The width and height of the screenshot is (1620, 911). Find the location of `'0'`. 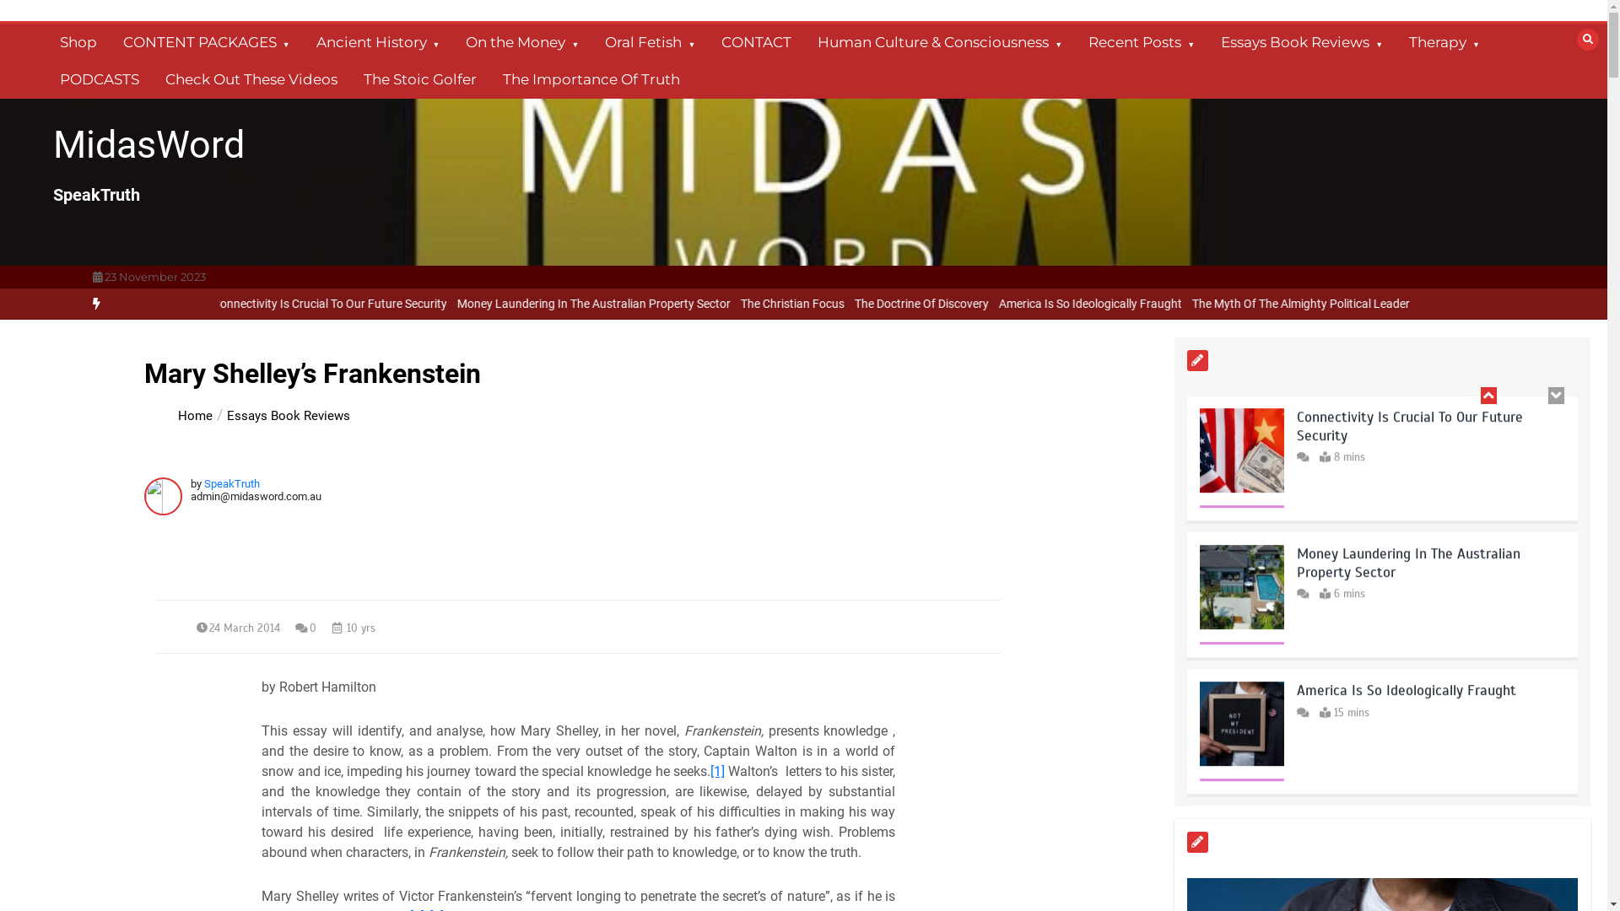

'0' is located at coordinates (305, 628).